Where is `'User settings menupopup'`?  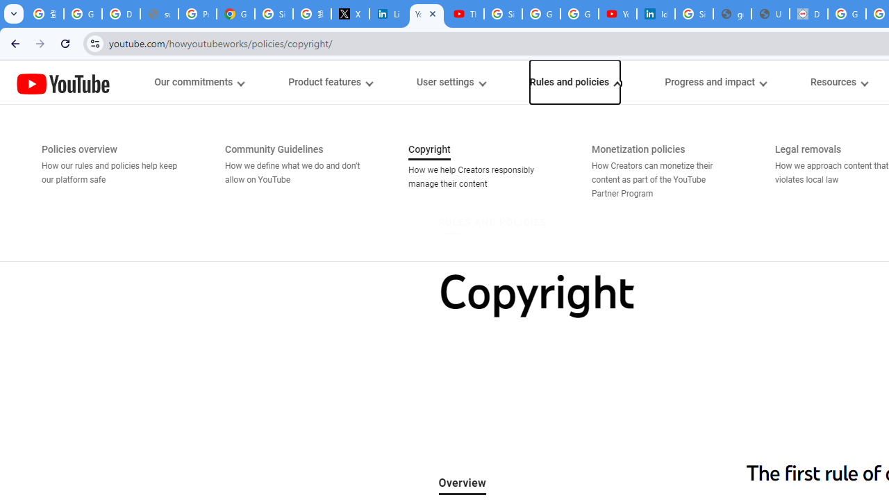
'User settings menupopup' is located at coordinates (450, 82).